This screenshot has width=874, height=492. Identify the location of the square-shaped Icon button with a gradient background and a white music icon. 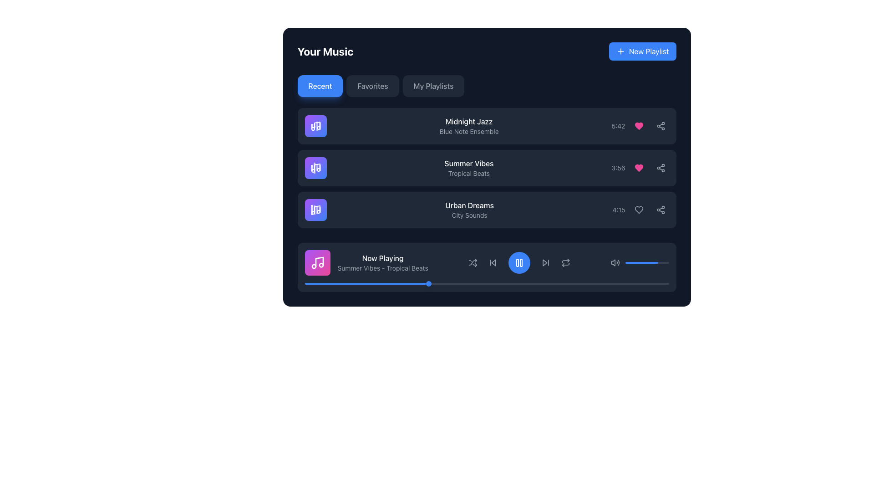
(315, 126).